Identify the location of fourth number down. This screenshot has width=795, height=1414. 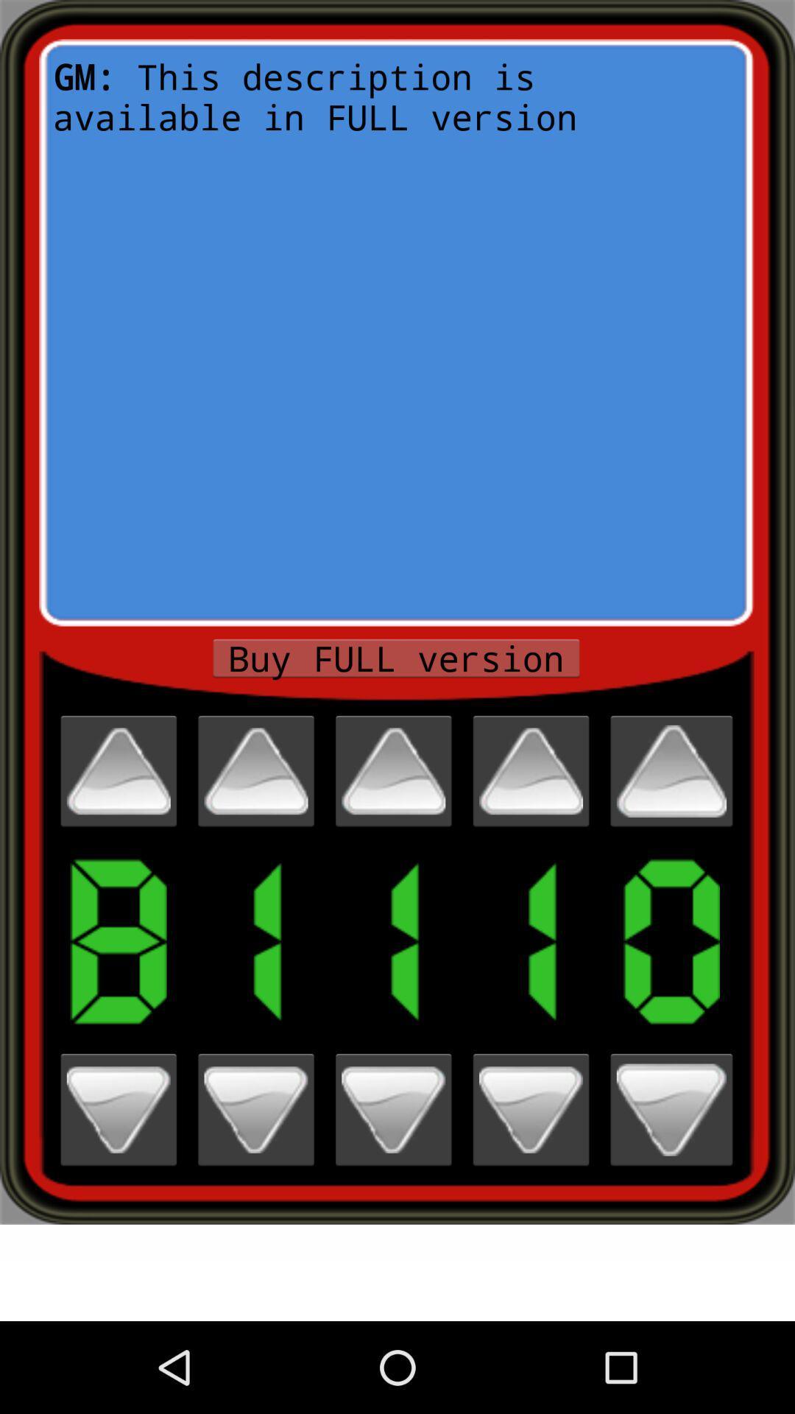
(531, 1110).